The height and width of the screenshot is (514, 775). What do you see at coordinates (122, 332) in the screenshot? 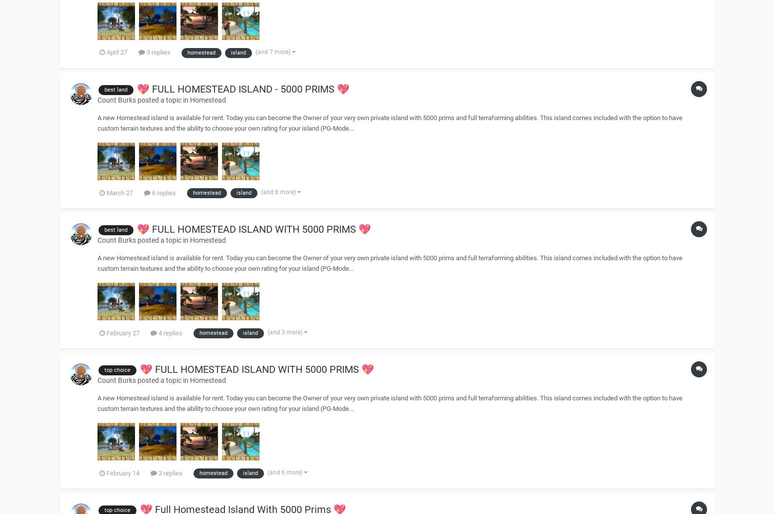
I see `'February 27'` at bounding box center [122, 332].